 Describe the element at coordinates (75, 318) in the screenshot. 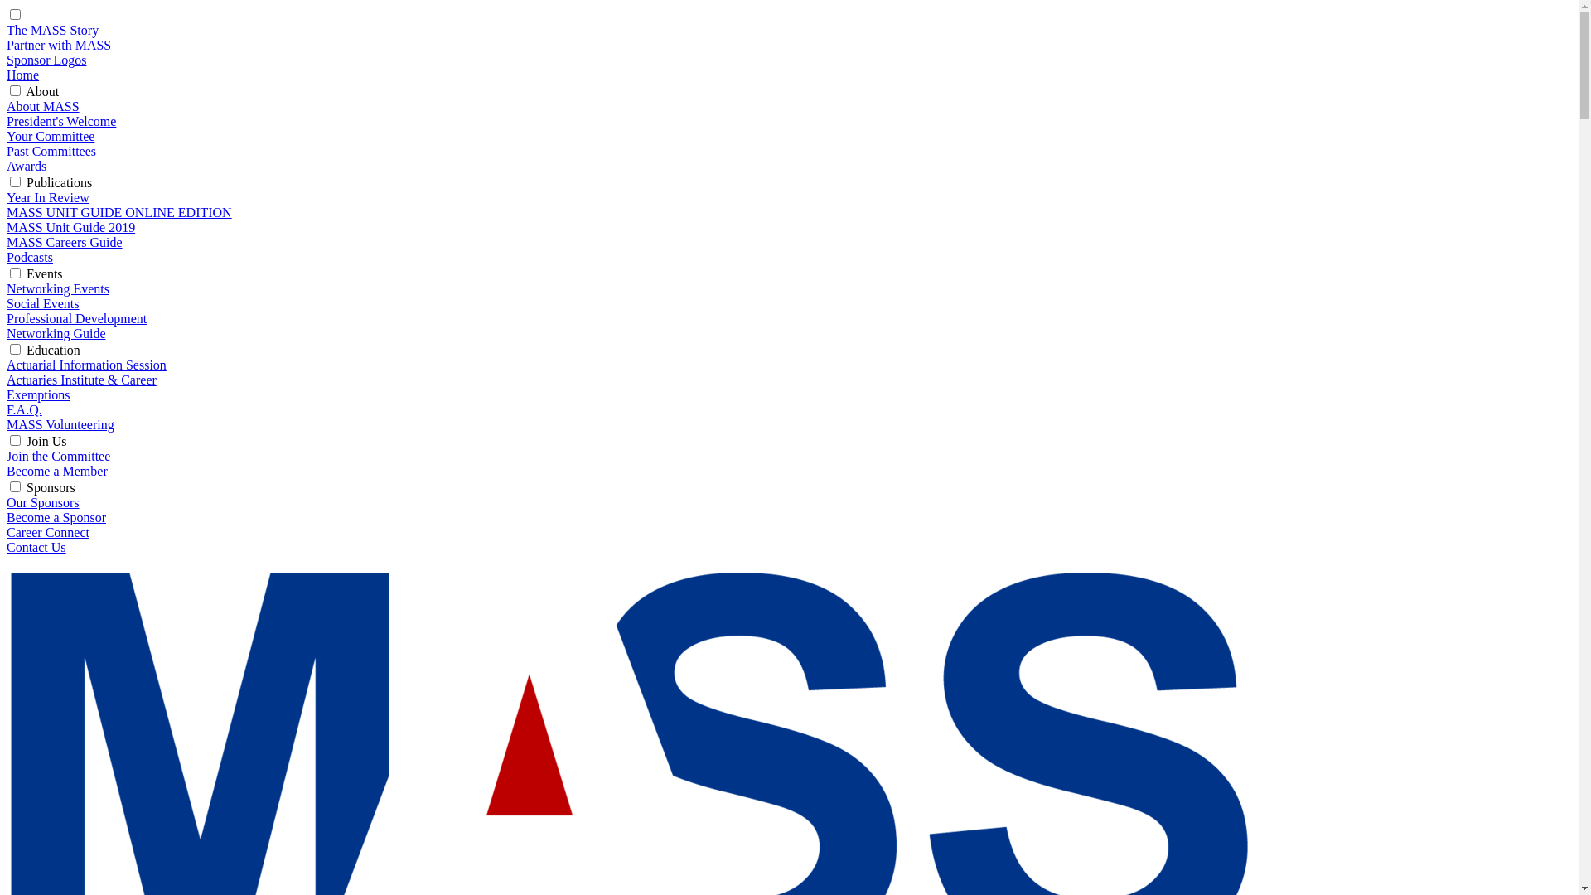

I see `'Professional Development'` at that location.